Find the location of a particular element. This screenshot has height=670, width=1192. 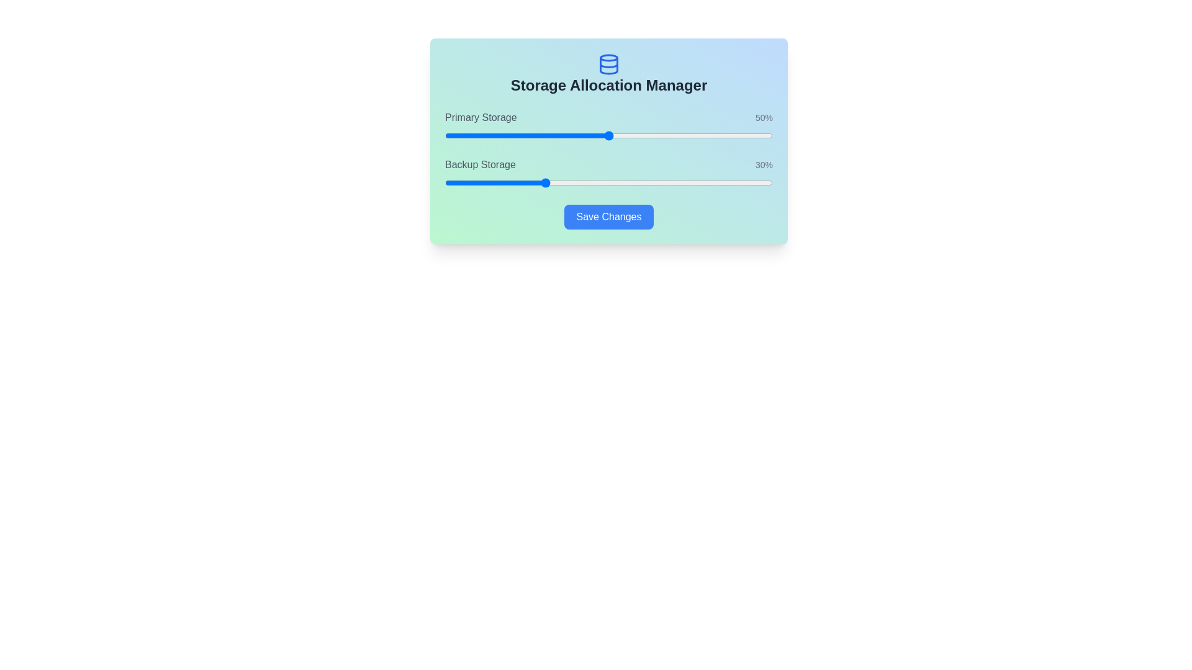

the Backup Storage slider to 5% is located at coordinates (461, 182).